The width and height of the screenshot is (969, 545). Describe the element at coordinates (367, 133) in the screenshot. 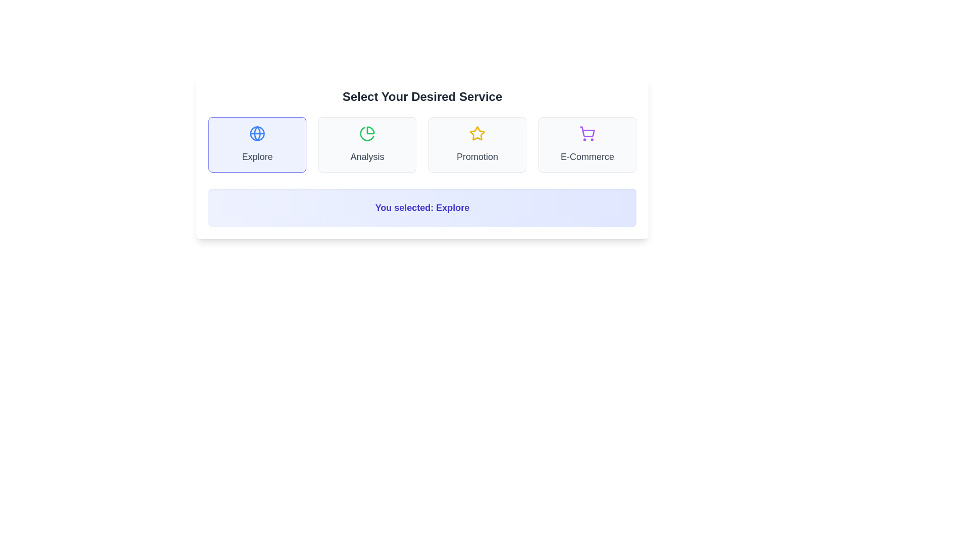

I see `the 'Analysis' service icon, which is located directly above the 'Analysis' label in the service selection interface` at that location.